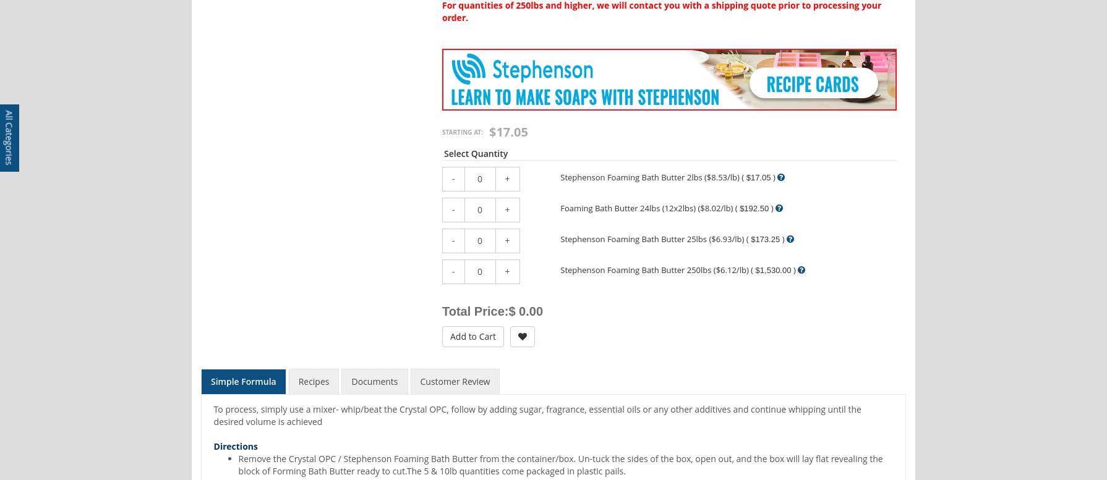  Describe the element at coordinates (507, 310) in the screenshot. I see `'$ 0.00'` at that location.